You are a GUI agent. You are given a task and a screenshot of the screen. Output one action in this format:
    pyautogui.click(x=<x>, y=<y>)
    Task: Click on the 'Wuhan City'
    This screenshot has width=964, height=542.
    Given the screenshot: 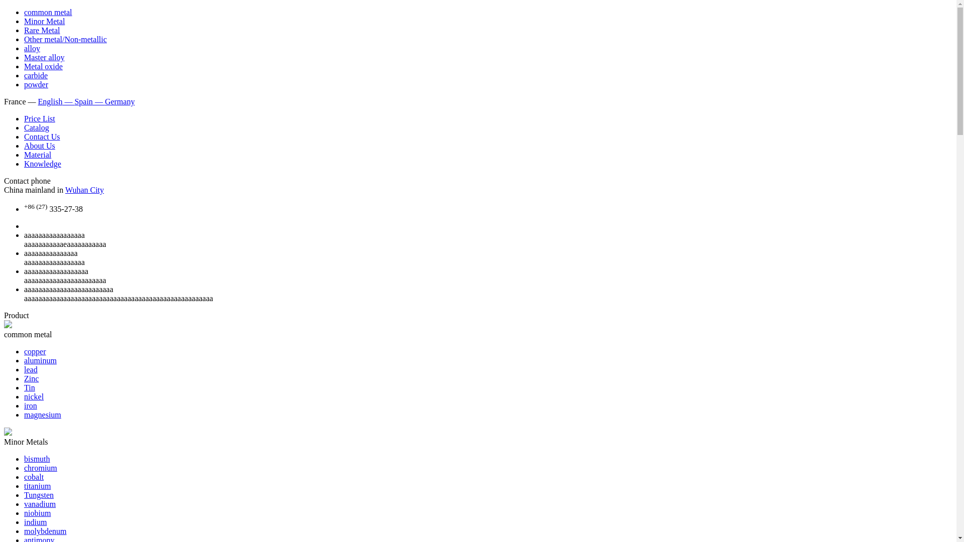 What is the action you would take?
    pyautogui.click(x=64, y=190)
    